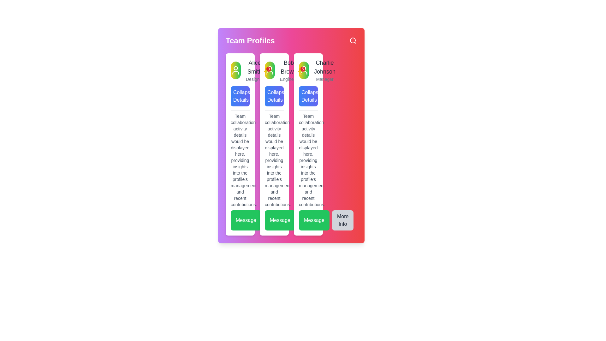  What do you see at coordinates (308, 96) in the screenshot?
I see `the third button under Charlie Johnson's profile` at bounding box center [308, 96].